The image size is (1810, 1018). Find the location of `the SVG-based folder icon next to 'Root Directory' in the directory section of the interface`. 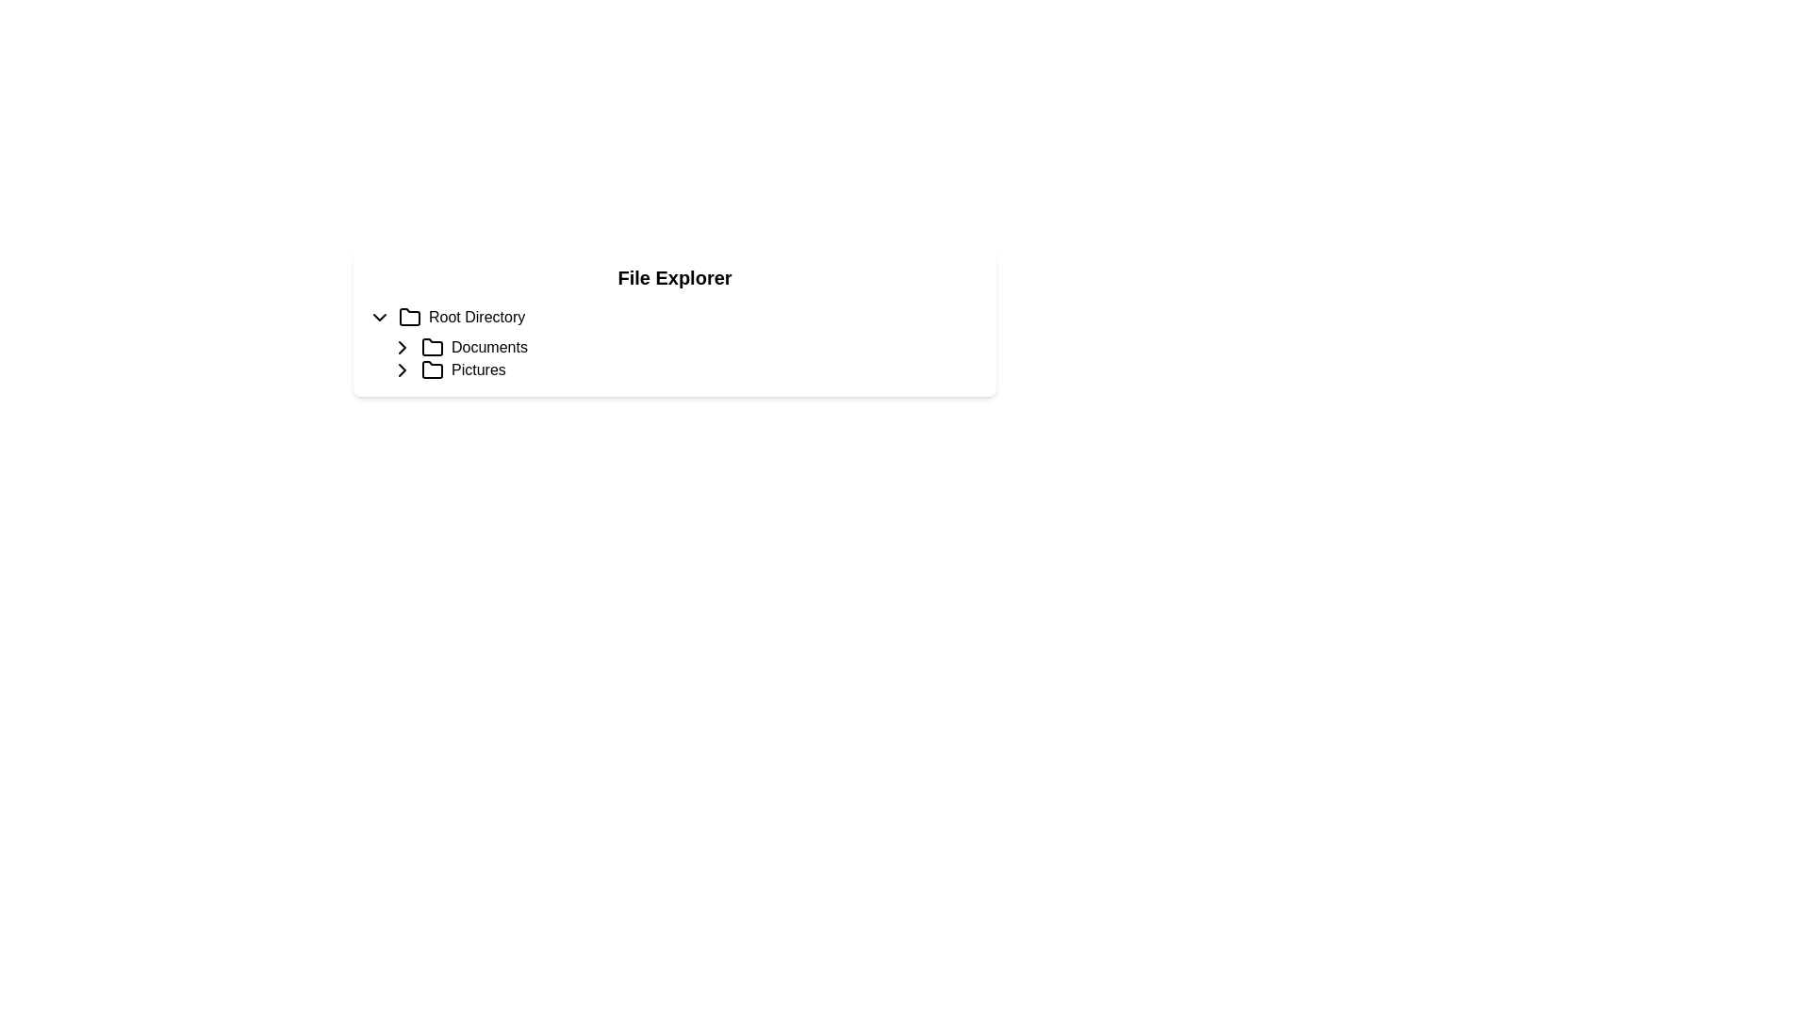

the SVG-based folder icon next to 'Root Directory' in the directory section of the interface is located at coordinates (409, 316).